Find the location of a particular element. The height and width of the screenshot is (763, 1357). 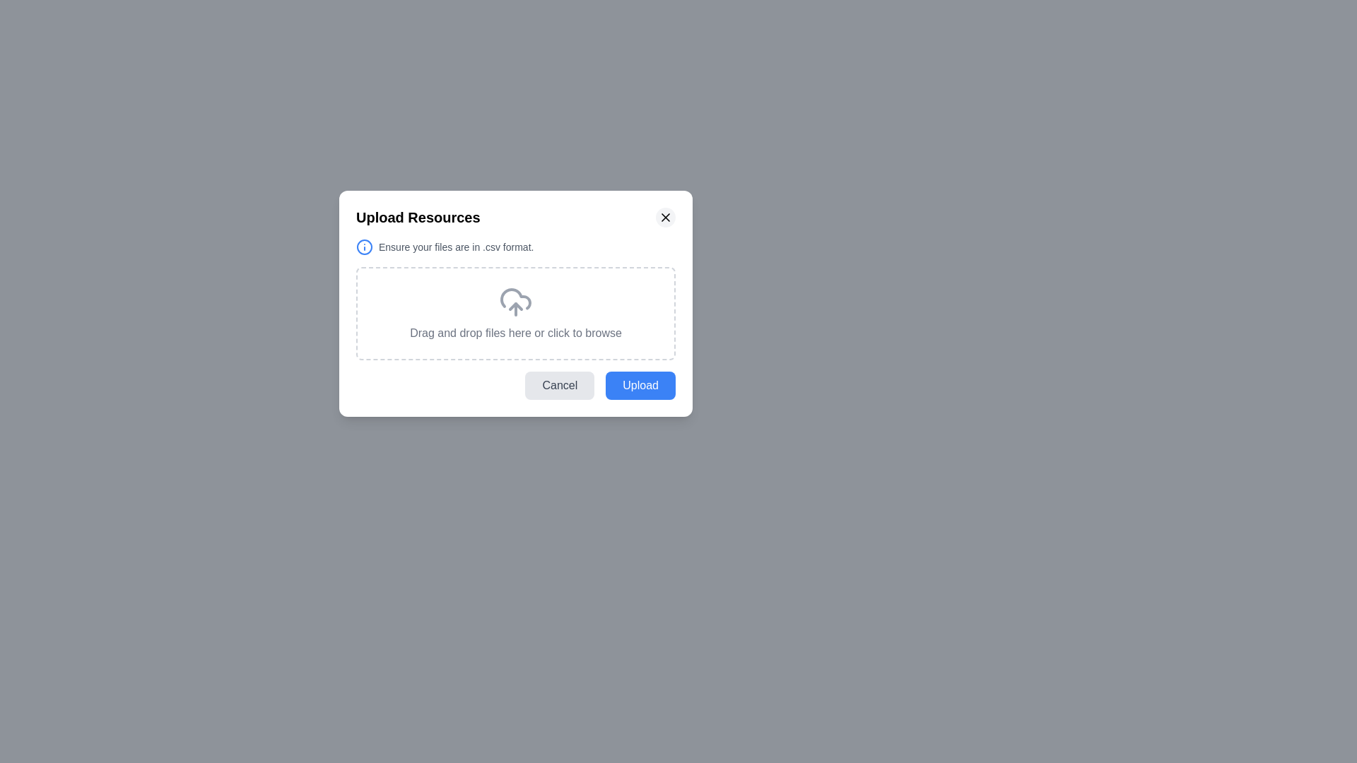

the informational tooltip icon located in the lower-left corner of the 'Upload Resources' modal dialog, which is positioned before the text 'Ensure your files are in .csv format.' is located at coordinates (364, 247).